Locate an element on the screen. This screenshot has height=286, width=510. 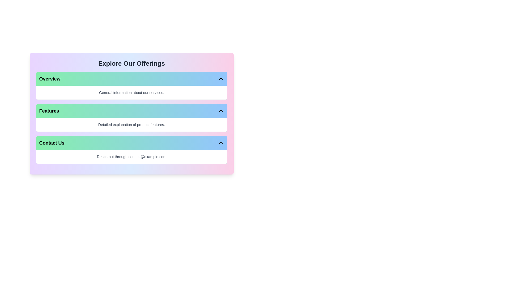
the collapsible section that provides detailed information about product features, which is positioned below the 'Overview' section and above the 'Contact Us' section is located at coordinates (131, 118).